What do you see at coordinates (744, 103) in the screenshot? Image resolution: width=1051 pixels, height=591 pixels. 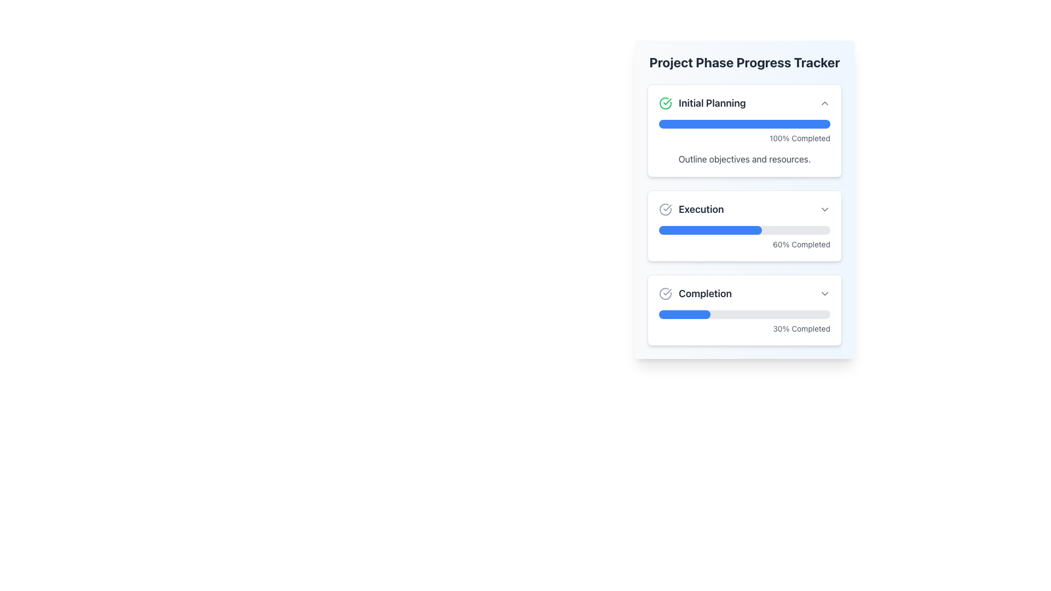 I see `the 'Initial Planning' header with the green checkmark and collapsible arrow icon` at bounding box center [744, 103].